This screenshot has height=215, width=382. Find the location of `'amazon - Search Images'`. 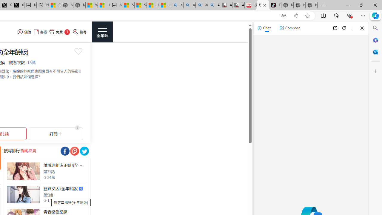

'amazon - Search Images' is located at coordinates (201, 5).